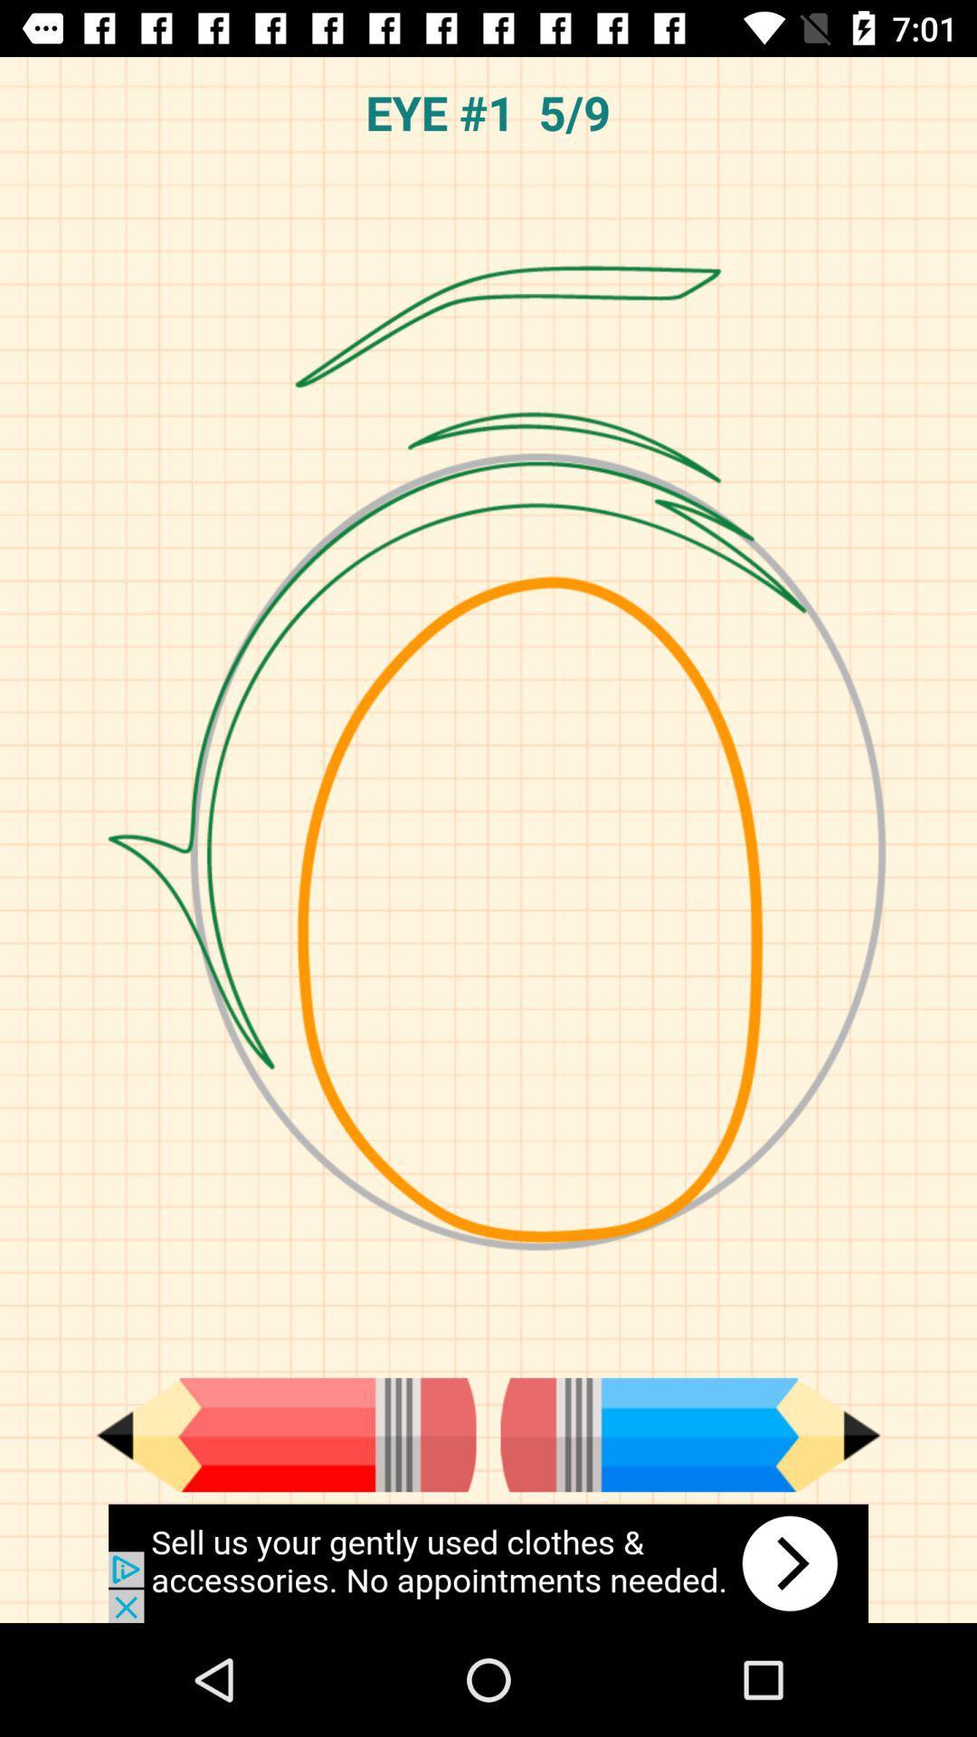  Describe the element at coordinates (488, 1562) in the screenshot. I see `details about advertisement` at that location.